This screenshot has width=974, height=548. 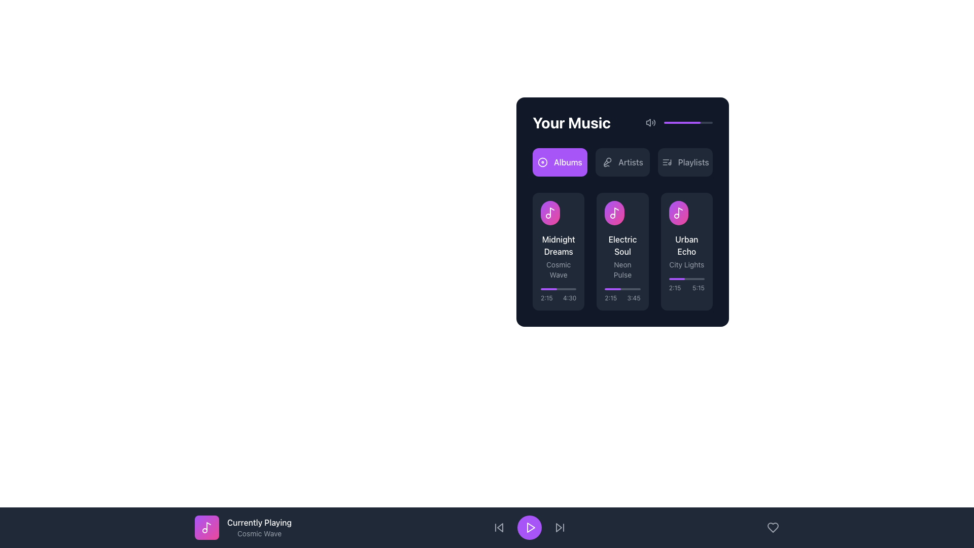 What do you see at coordinates (692, 122) in the screenshot?
I see `the volume slider` at bounding box center [692, 122].